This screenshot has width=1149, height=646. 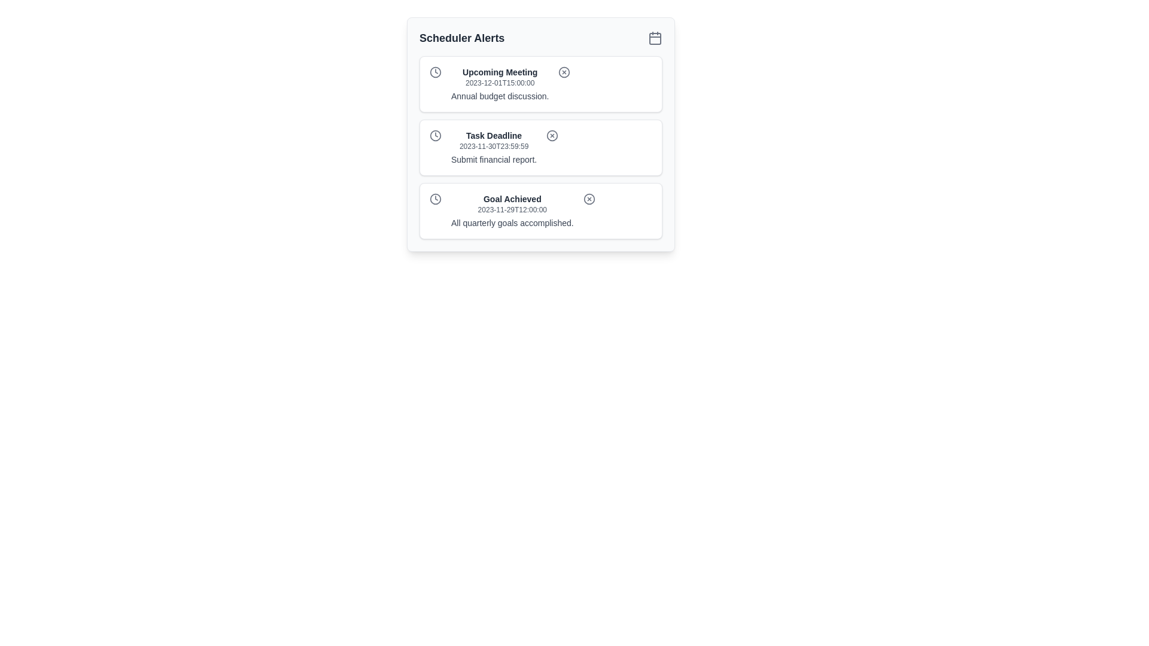 What do you see at coordinates (564, 72) in the screenshot?
I see `the circular close icon next to the 'Upcoming Meeting' title in the scheduler alert box` at bounding box center [564, 72].